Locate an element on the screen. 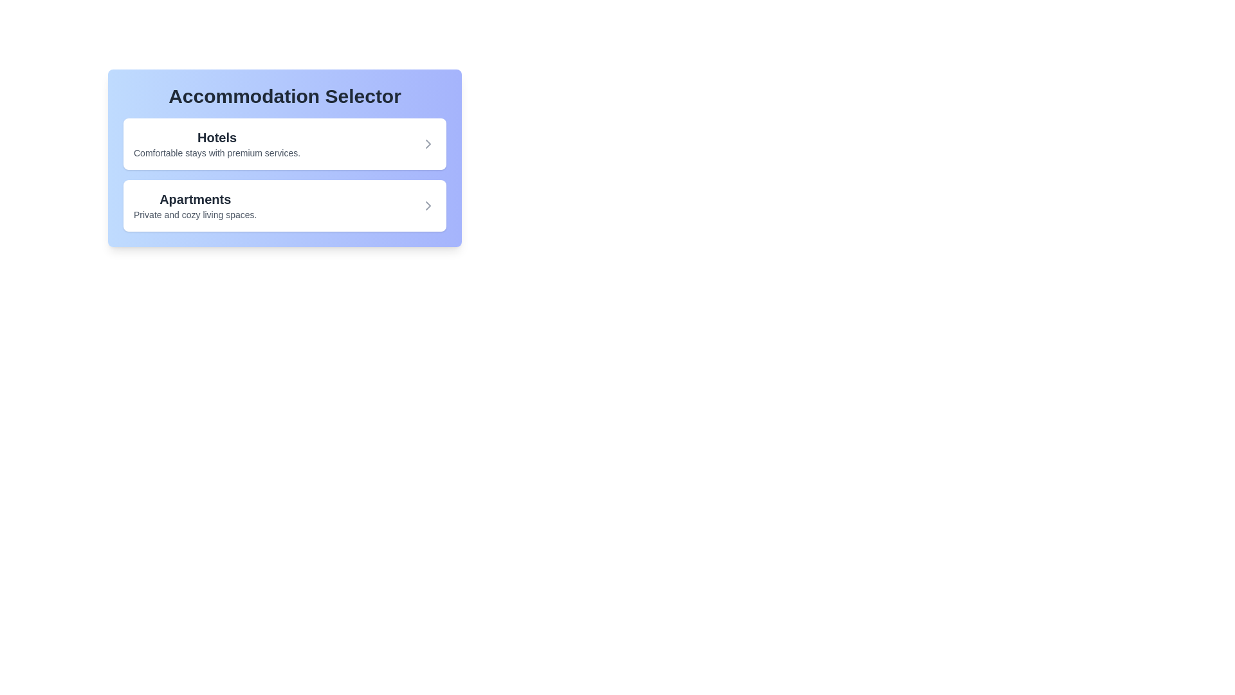  the text label that serves as the title for the 'Hotels' option in the accommodation types list is located at coordinates (217, 137).